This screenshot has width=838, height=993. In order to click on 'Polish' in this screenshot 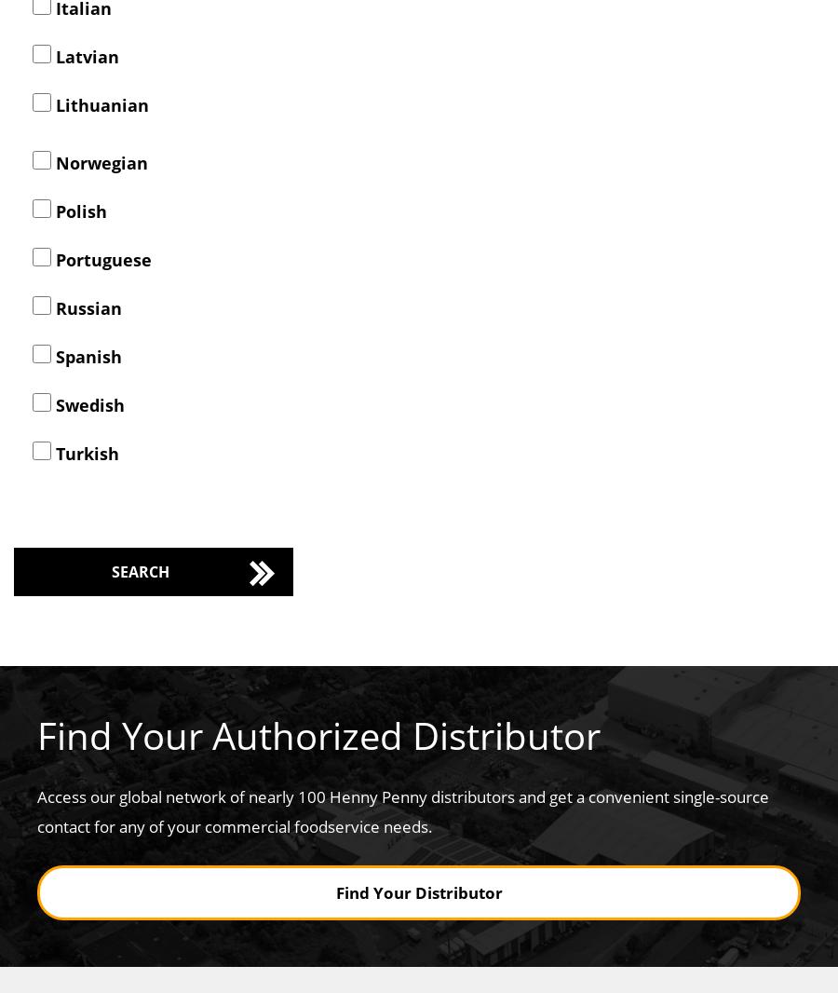, I will do `click(77, 209)`.